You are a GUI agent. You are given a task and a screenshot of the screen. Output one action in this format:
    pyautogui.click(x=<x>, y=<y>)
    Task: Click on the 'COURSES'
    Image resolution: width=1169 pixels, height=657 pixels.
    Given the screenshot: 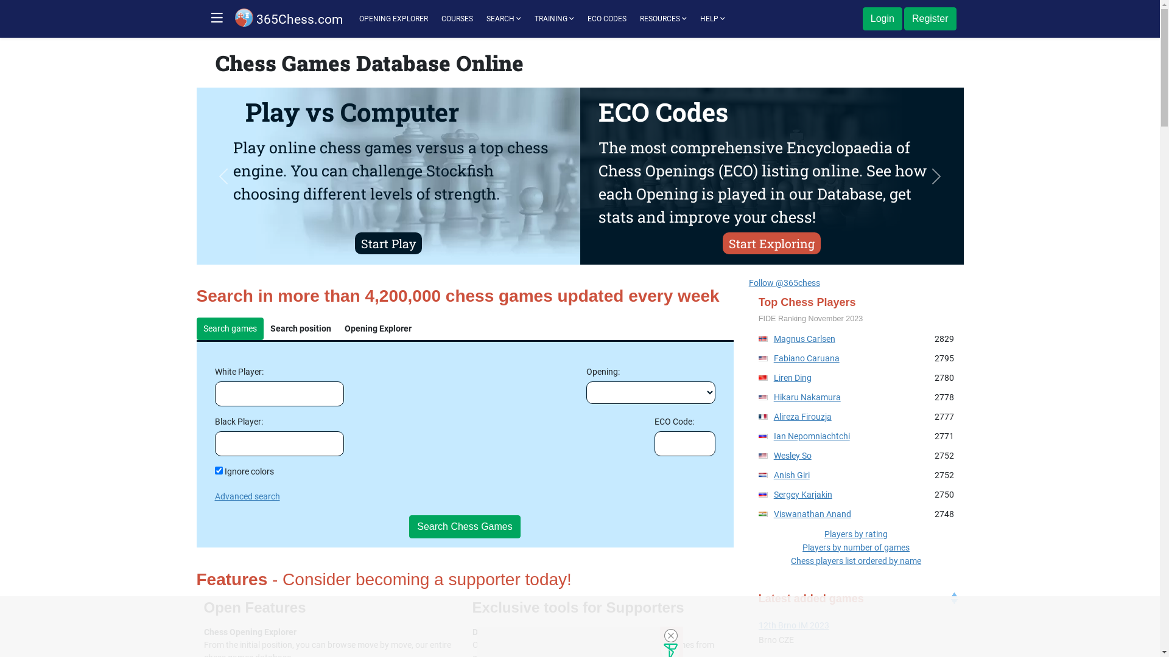 What is the action you would take?
    pyautogui.click(x=455, y=18)
    